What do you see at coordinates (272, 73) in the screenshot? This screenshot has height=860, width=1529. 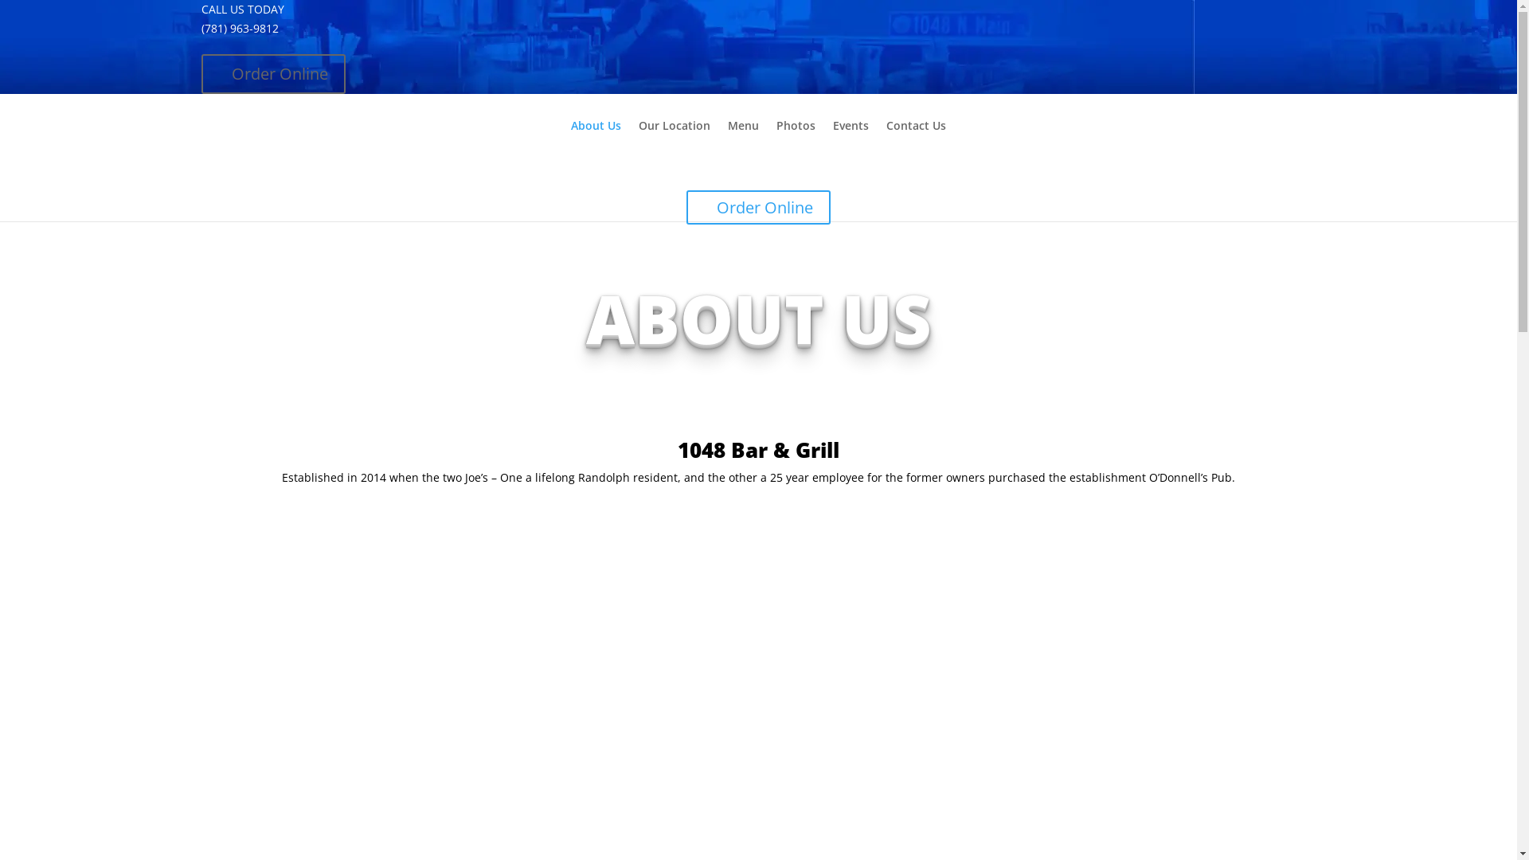 I see `'Order Online'` at bounding box center [272, 73].